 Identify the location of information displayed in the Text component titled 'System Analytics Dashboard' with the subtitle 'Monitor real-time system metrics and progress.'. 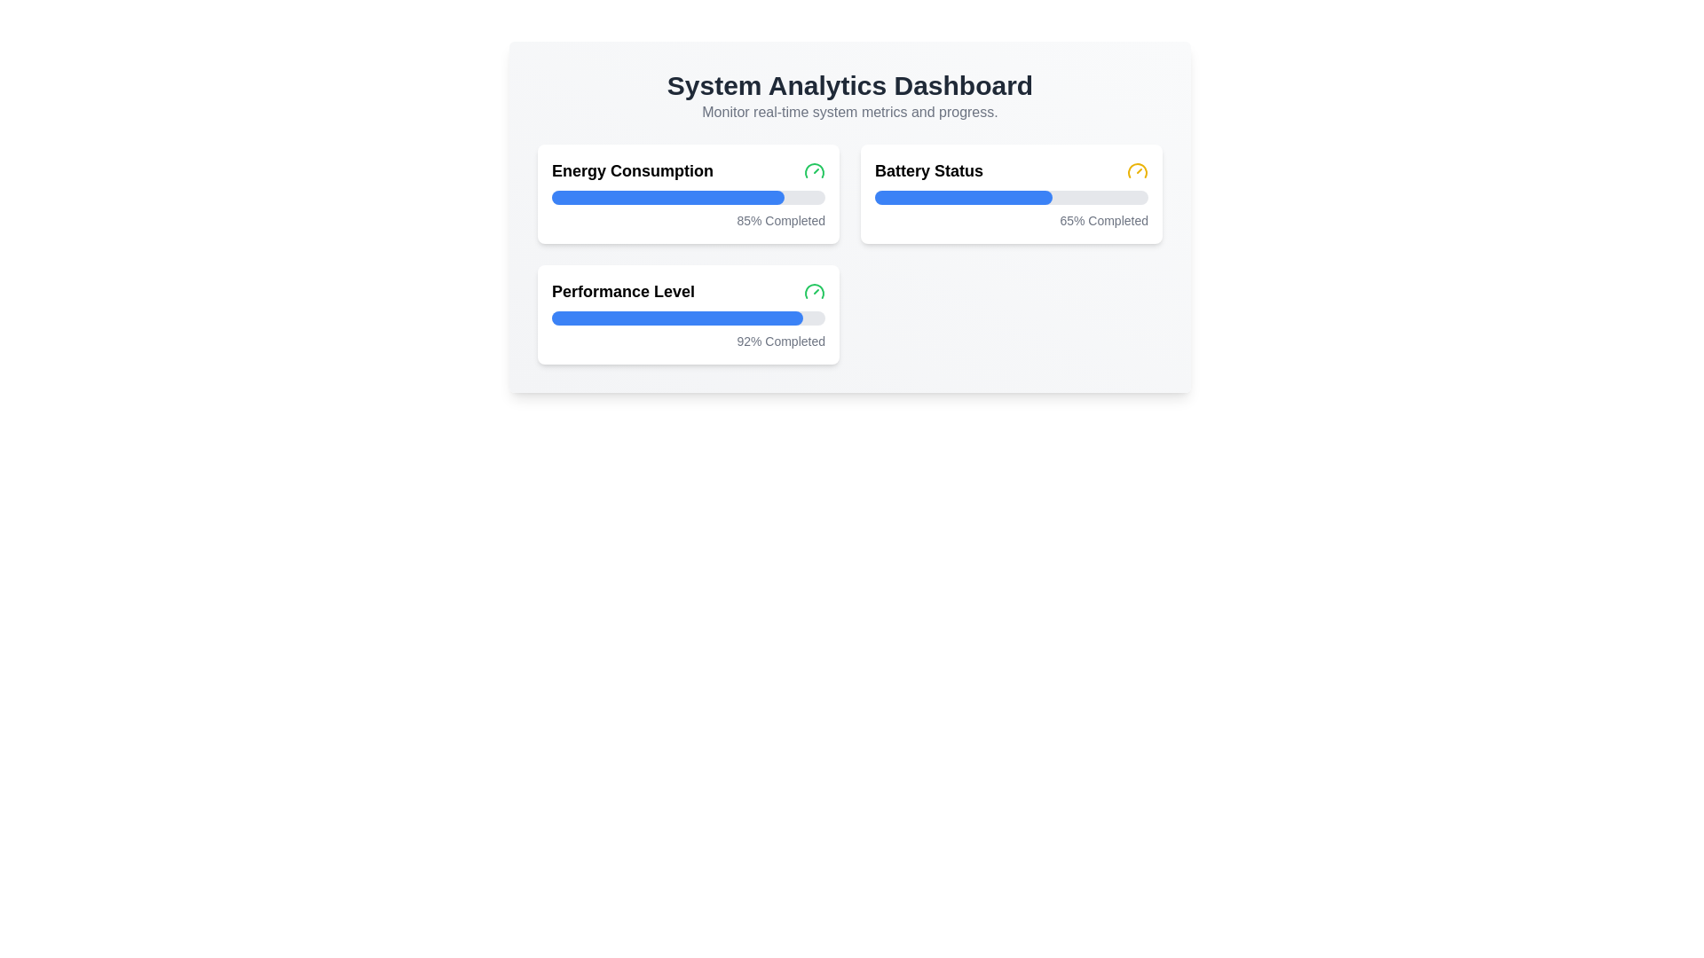
(849, 96).